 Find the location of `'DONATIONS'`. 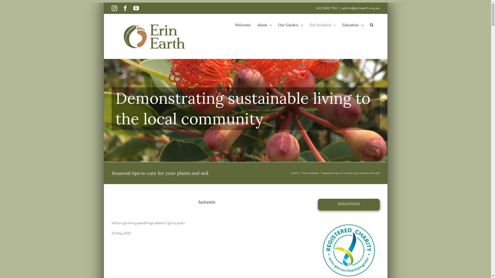

'DONATIONS' is located at coordinates (349, 204).